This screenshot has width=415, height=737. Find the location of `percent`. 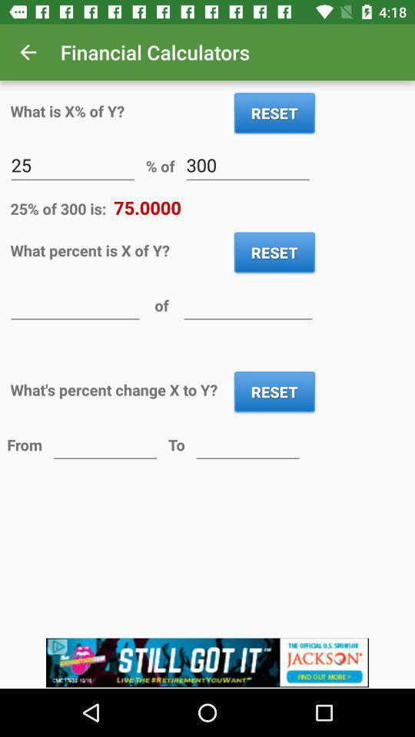

percent is located at coordinates (75, 304).